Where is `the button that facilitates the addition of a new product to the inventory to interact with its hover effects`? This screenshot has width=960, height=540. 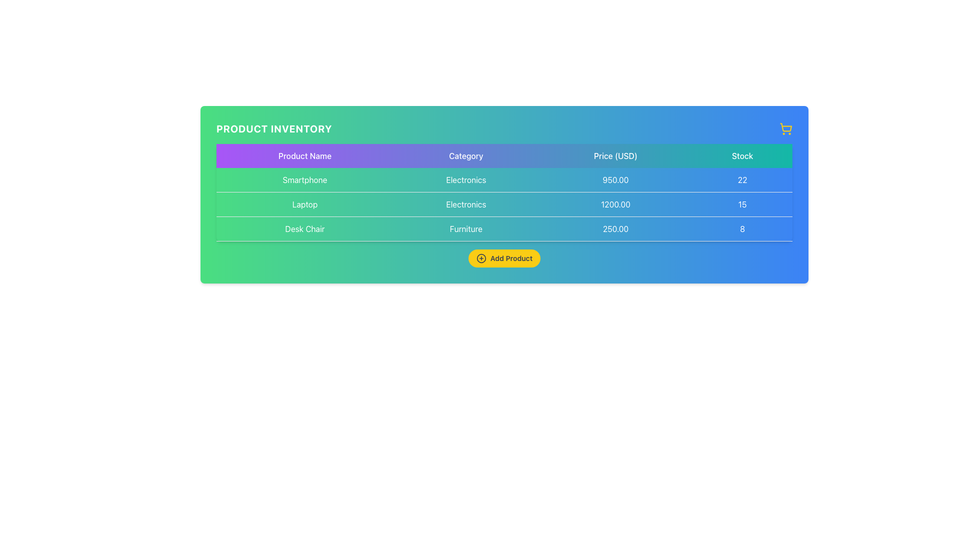 the button that facilitates the addition of a new product to the inventory to interact with its hover effects is located at coordinates (504, 257).